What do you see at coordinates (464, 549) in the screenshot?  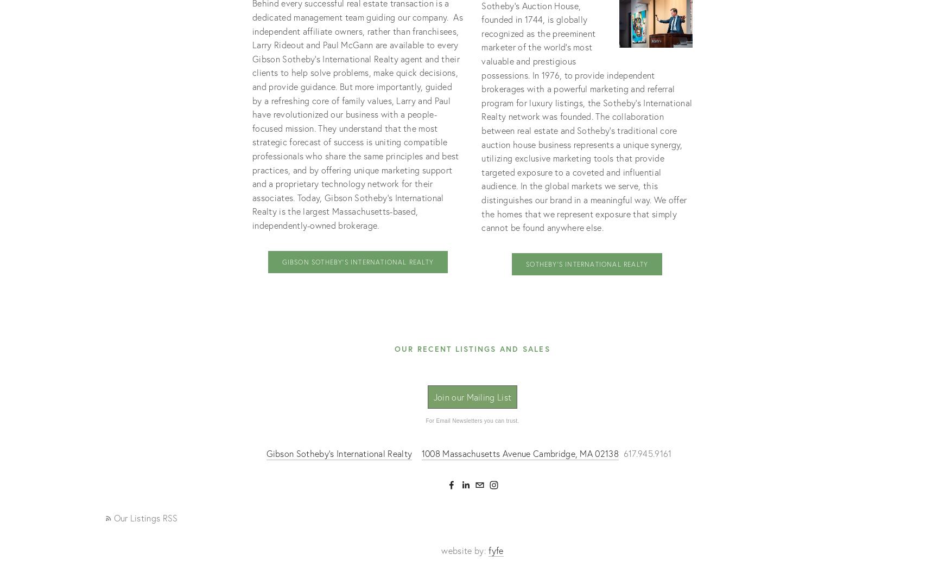 I see `'website by:'` at bounding box center [464, 549].